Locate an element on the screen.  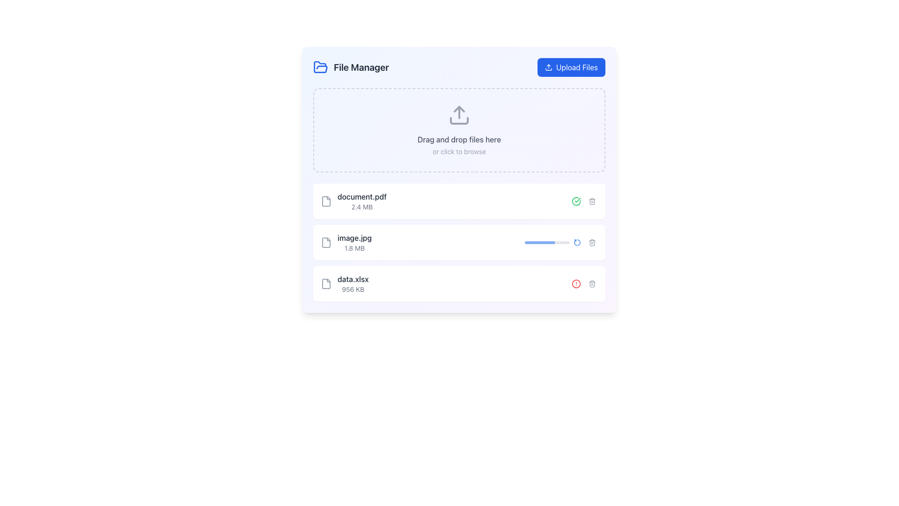
the icon representing the file 'data.xlsx' located to the left of the text components, indicating the file type or status is located at coordinates (326, 283).